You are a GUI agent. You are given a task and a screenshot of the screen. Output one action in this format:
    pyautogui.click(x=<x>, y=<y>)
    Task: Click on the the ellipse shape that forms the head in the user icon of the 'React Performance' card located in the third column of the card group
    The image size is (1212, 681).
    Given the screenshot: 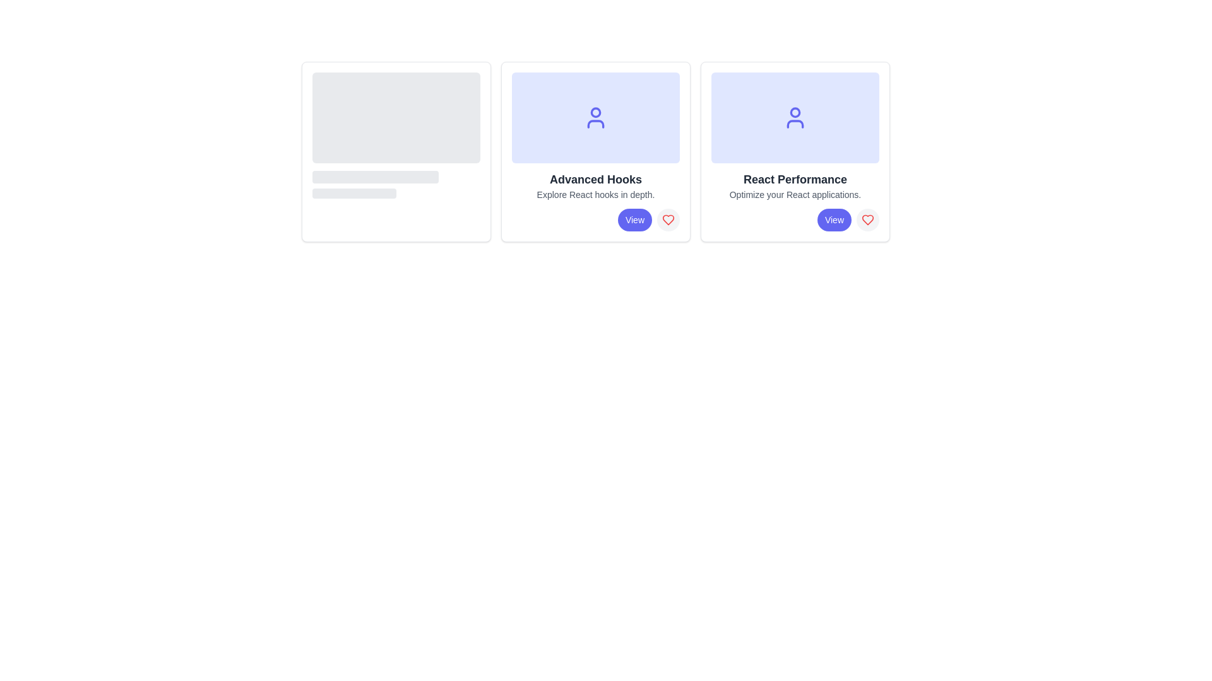 What is the action you would take?
    pyautogui.click(x=794, y=111)
    